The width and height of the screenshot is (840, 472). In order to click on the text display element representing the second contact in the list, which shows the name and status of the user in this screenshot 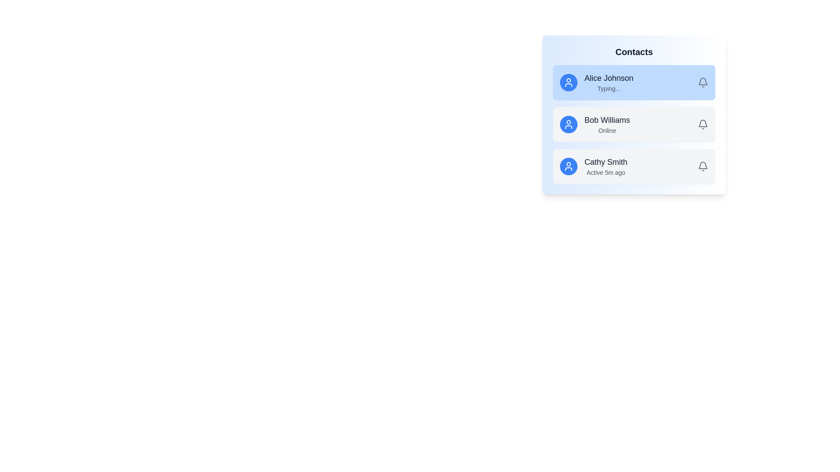, I will do `click(606, 125)`.